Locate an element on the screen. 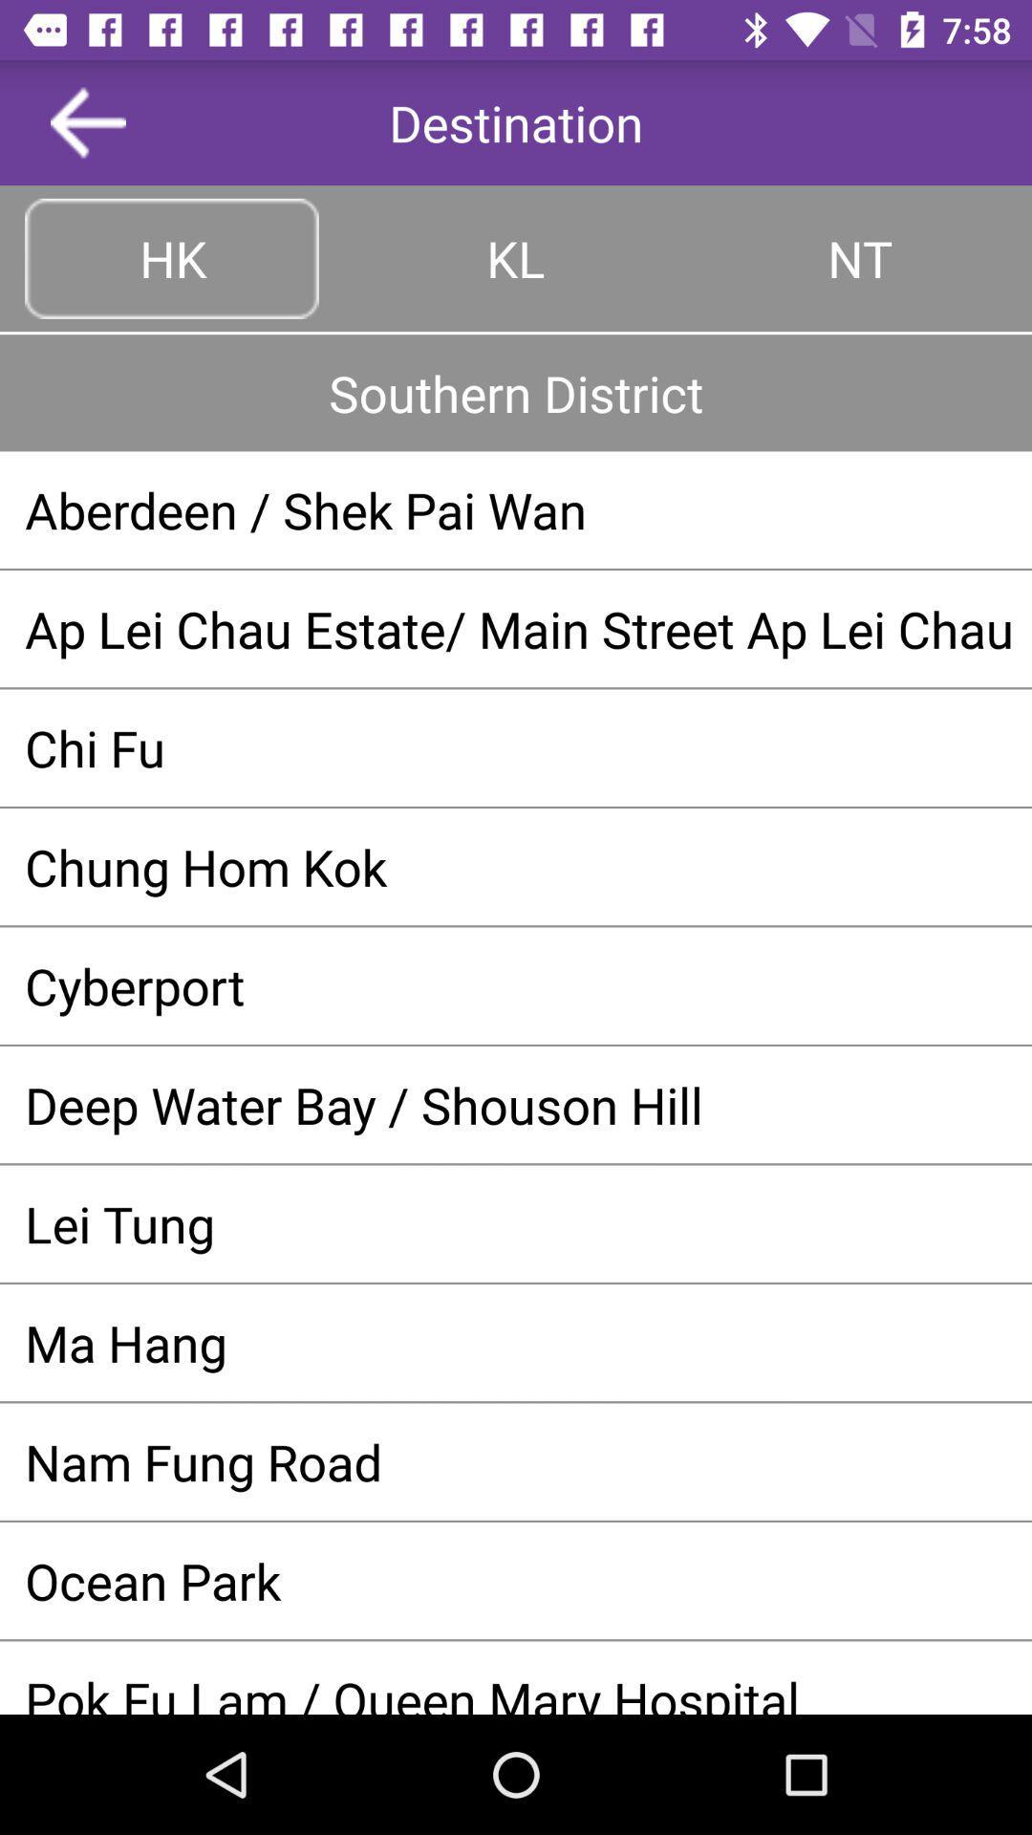 This screenshot has height=1835, width=1032. nt is located at coordinates (858, 257).